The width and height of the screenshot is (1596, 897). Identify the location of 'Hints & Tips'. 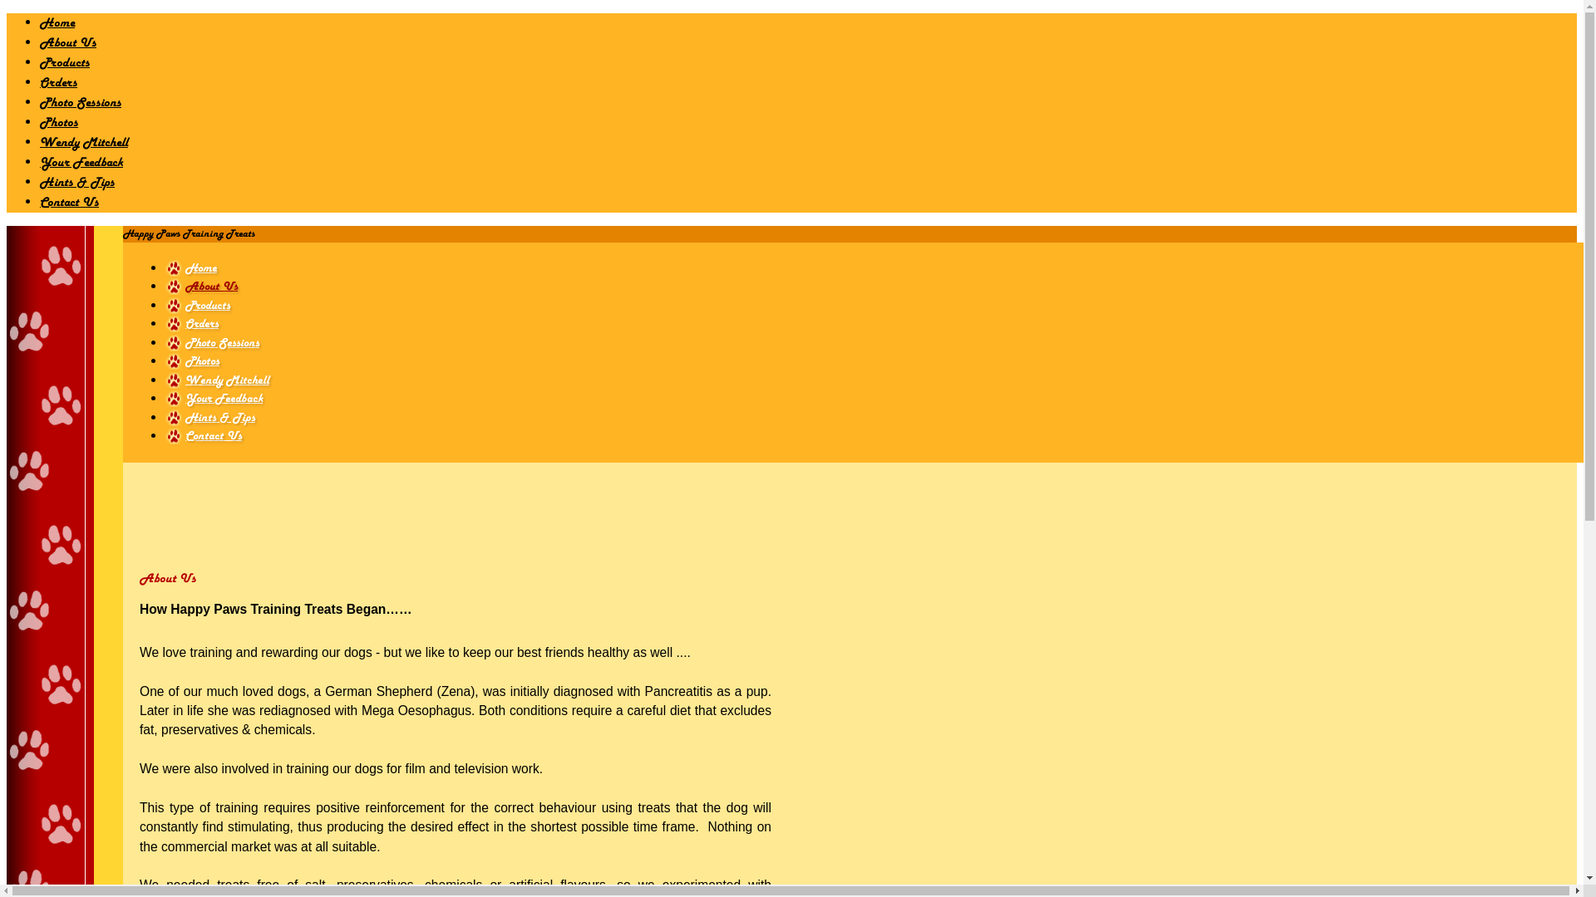
(209, 415).